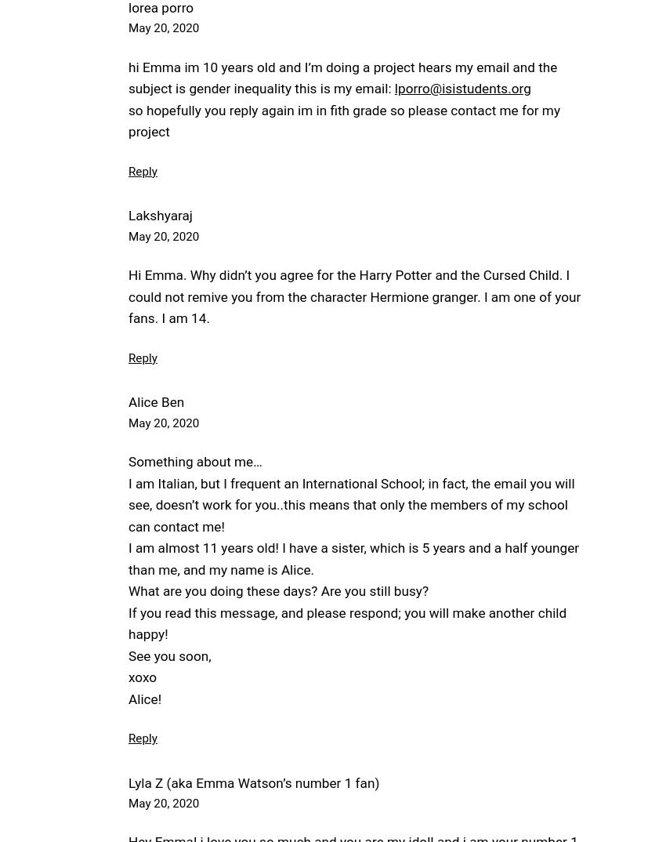  Describe the element at coordinates (343, 120) in the screenshot. I see `'so hopefully you reply again im in fith grade so please contact me for my project'` at that location.